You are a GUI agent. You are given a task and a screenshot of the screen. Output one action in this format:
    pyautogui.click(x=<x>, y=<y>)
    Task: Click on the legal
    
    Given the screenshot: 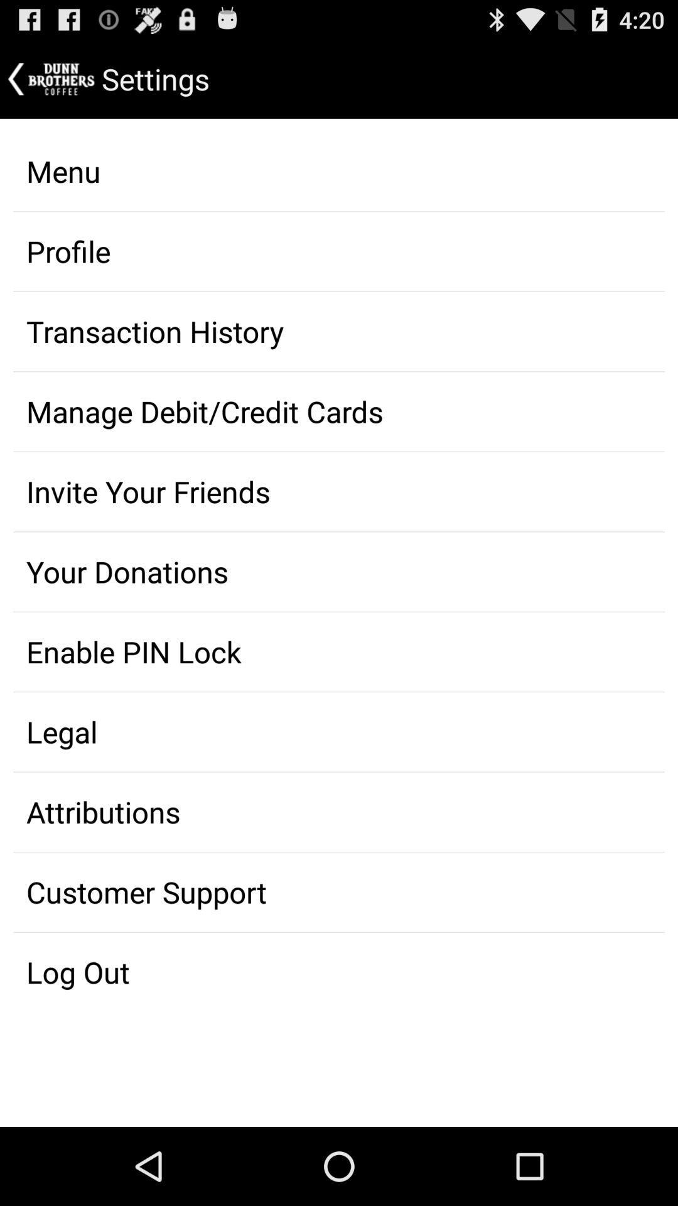 What is the action you would take?
    pyautogui.click(x=339, y=732)
    